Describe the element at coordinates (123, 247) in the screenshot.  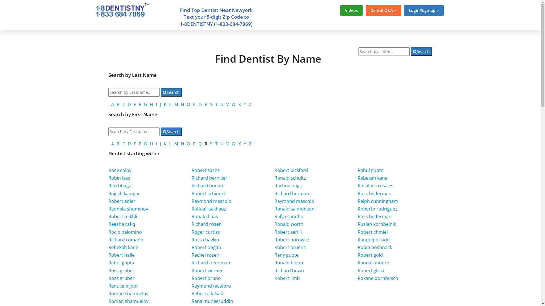
I see `'Rebekah kane'` at that location.